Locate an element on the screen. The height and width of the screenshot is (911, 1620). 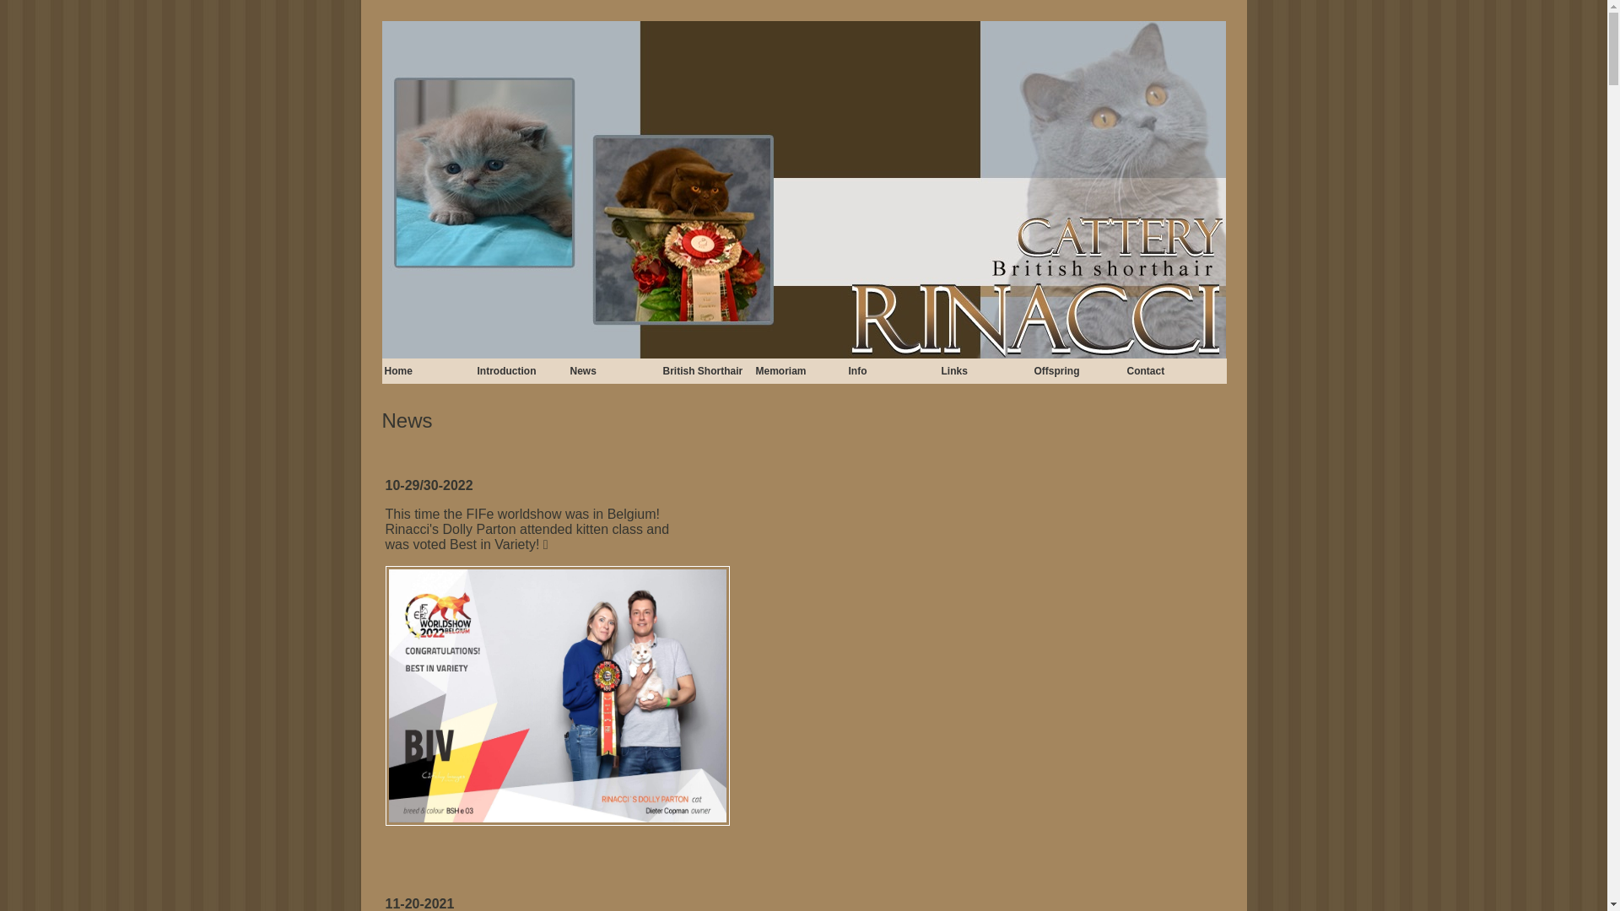
'Introduction' is located at coordinates (521, 369).